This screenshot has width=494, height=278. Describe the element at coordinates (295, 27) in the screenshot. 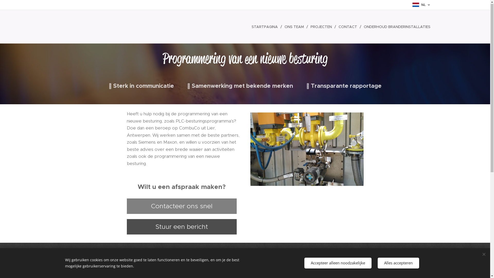

I see `'ONS TEAM'` at that location.